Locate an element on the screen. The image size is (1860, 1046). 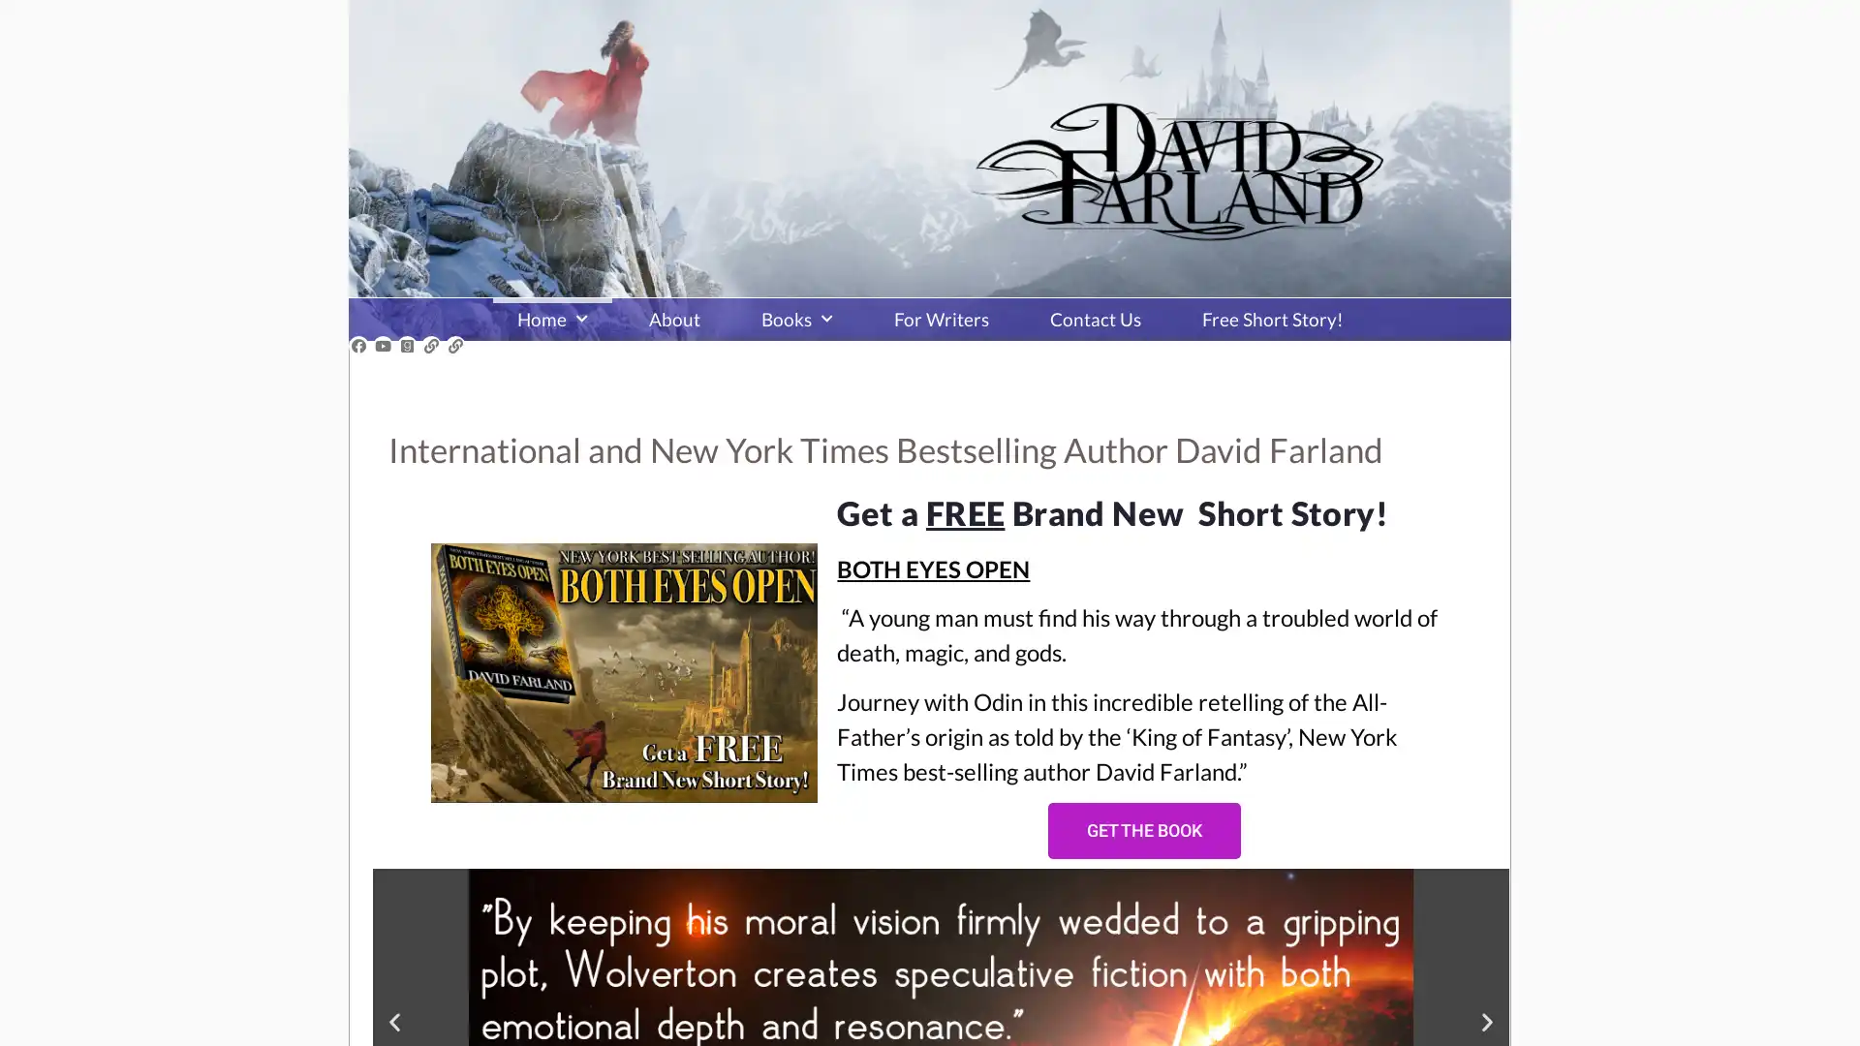
GET THE BOOK is located at coordinates (1099, 681).